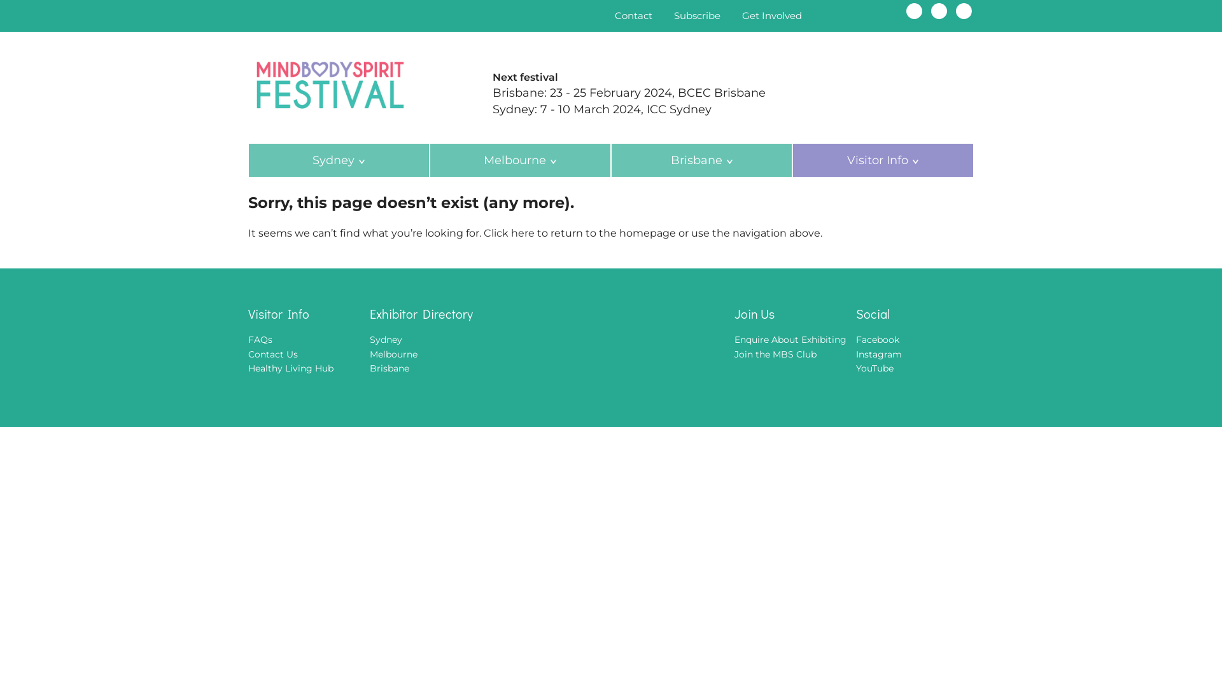  I want to click on 'Join the MBS Club', so click(775, 354).